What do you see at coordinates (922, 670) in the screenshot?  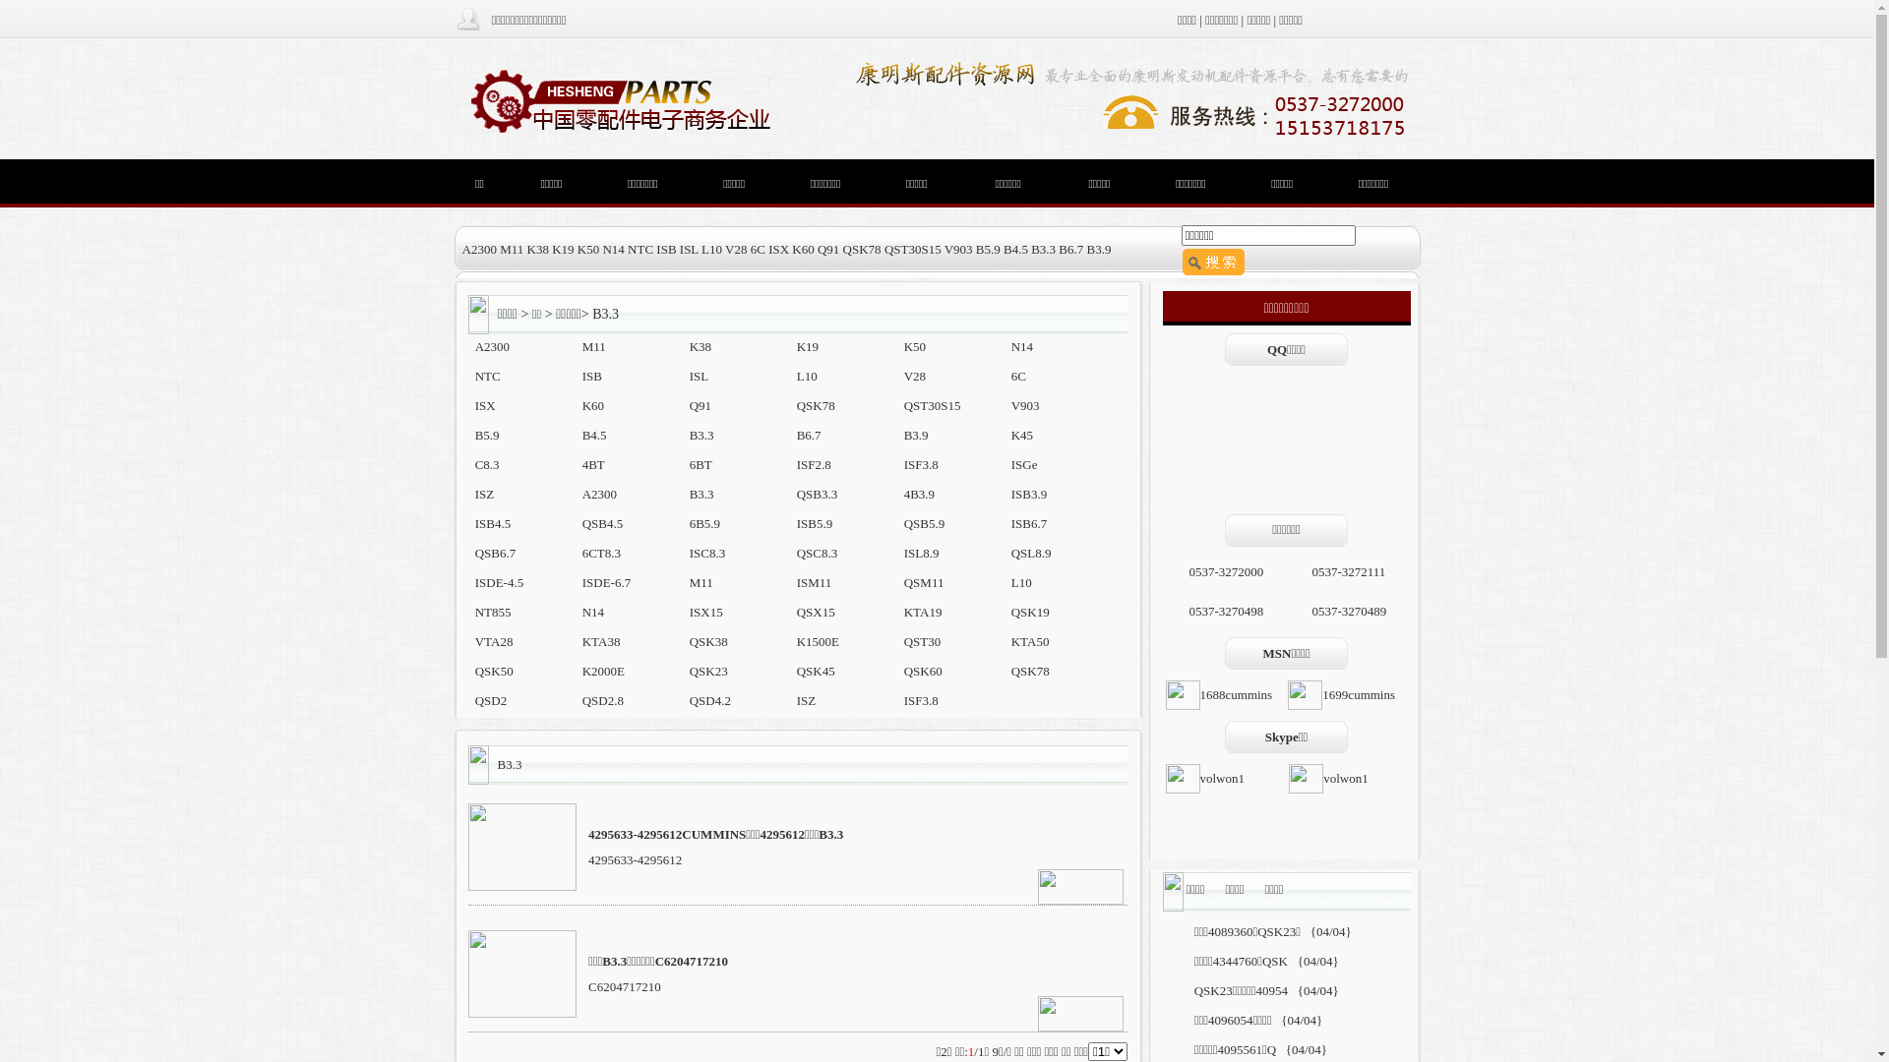 I see `'QSK60'` at bounding box center [922, 670].